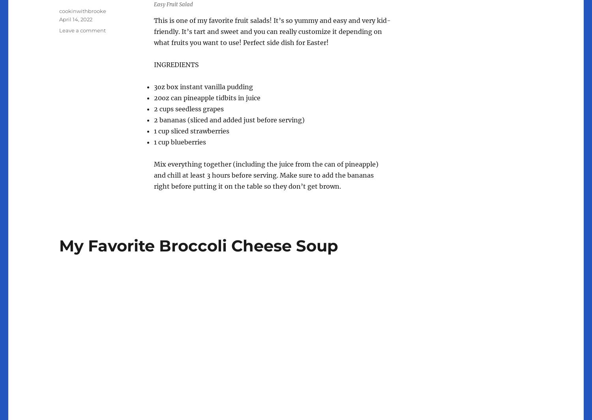  I want to click on '2 cups seedless grapes', so click(188, 109).